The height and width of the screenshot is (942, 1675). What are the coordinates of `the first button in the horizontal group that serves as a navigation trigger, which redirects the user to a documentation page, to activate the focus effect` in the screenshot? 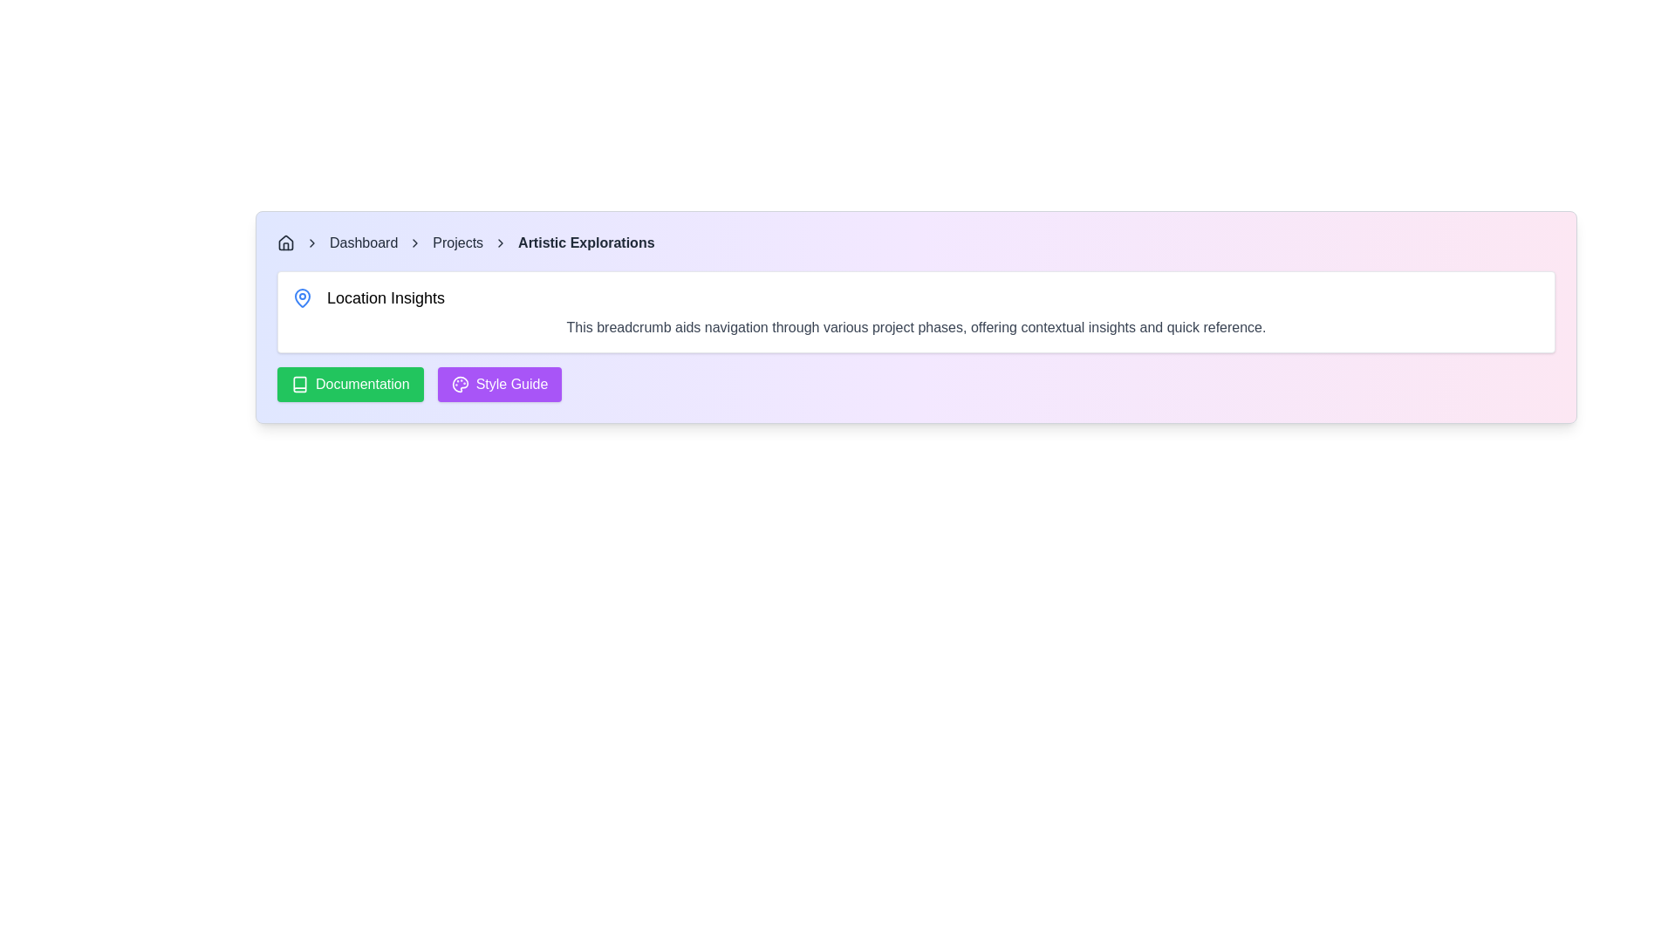 It's located at (349, 383).